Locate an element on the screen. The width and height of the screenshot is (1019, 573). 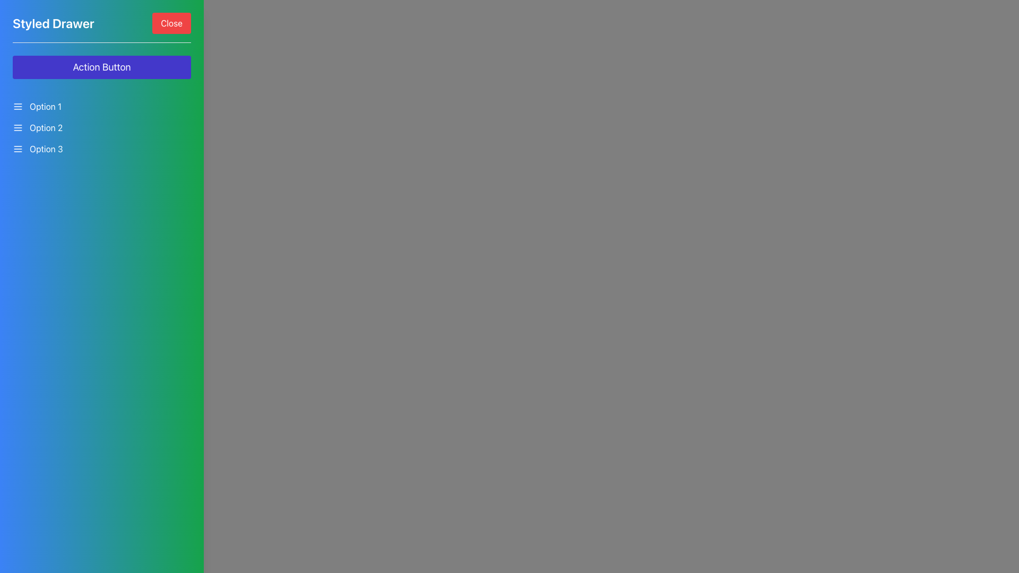
the horizontal list item labeled 'Option 3' is located at coordinates (102, 149).